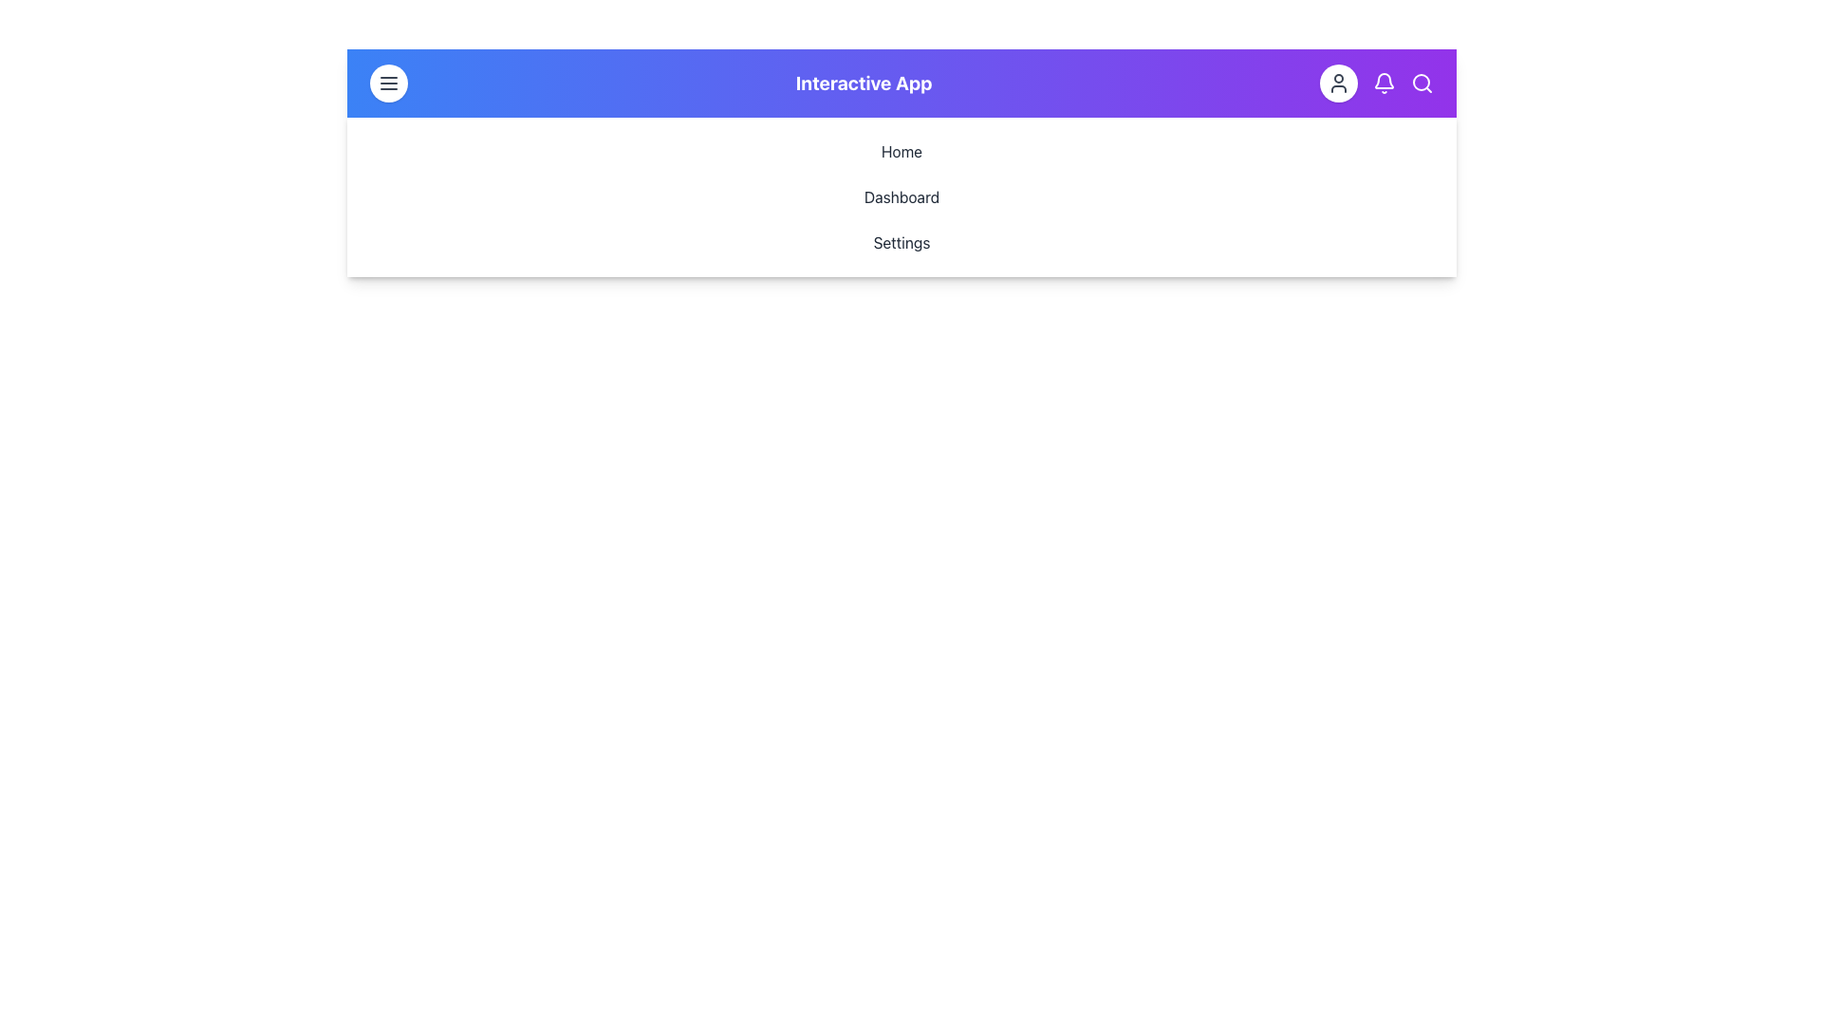 This screenshot has height=1025, width=1822. Describe the element at coordinates (863, 83) in the screenshot. I see `the static text element displaying 'Interactive App' in the header section of the navigation bar` at that location.